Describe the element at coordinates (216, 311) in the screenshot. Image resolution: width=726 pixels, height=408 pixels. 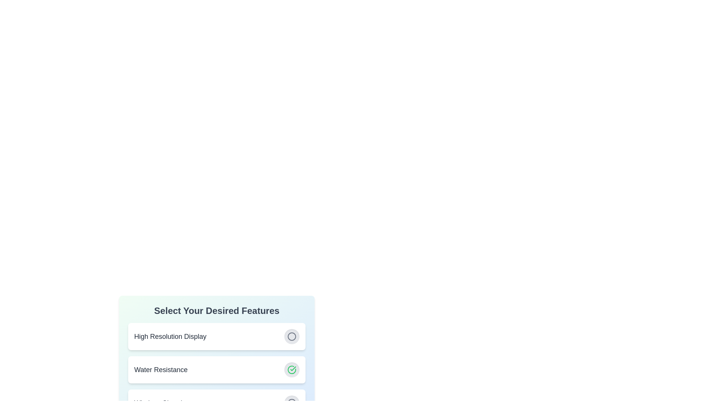
I see `the heading text that serves as a title for the section, guiding users to select their desired features` at that location.